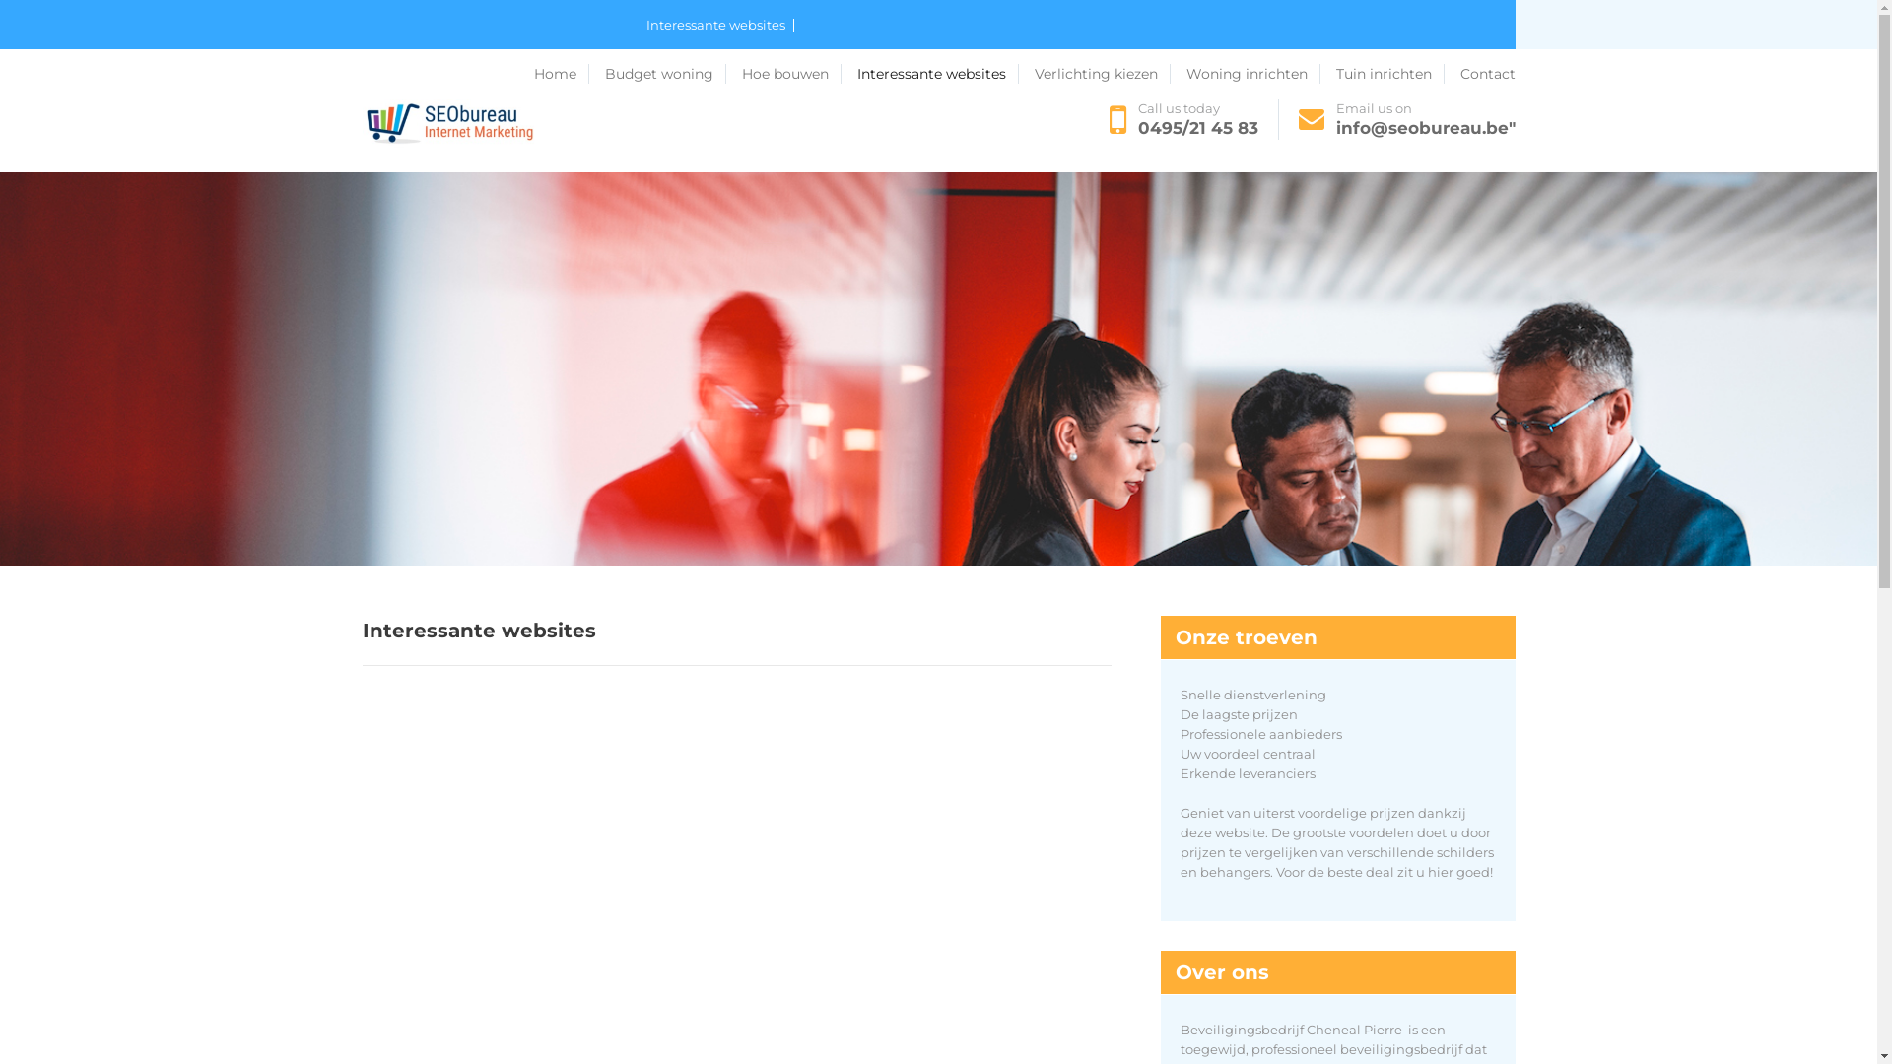 The height and width of the screenshot is (1064, 1892). I want to click on 'Hoe bouwen', so click(790, 72).